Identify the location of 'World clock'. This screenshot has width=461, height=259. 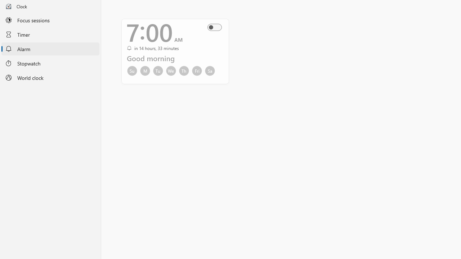
(50, 78).